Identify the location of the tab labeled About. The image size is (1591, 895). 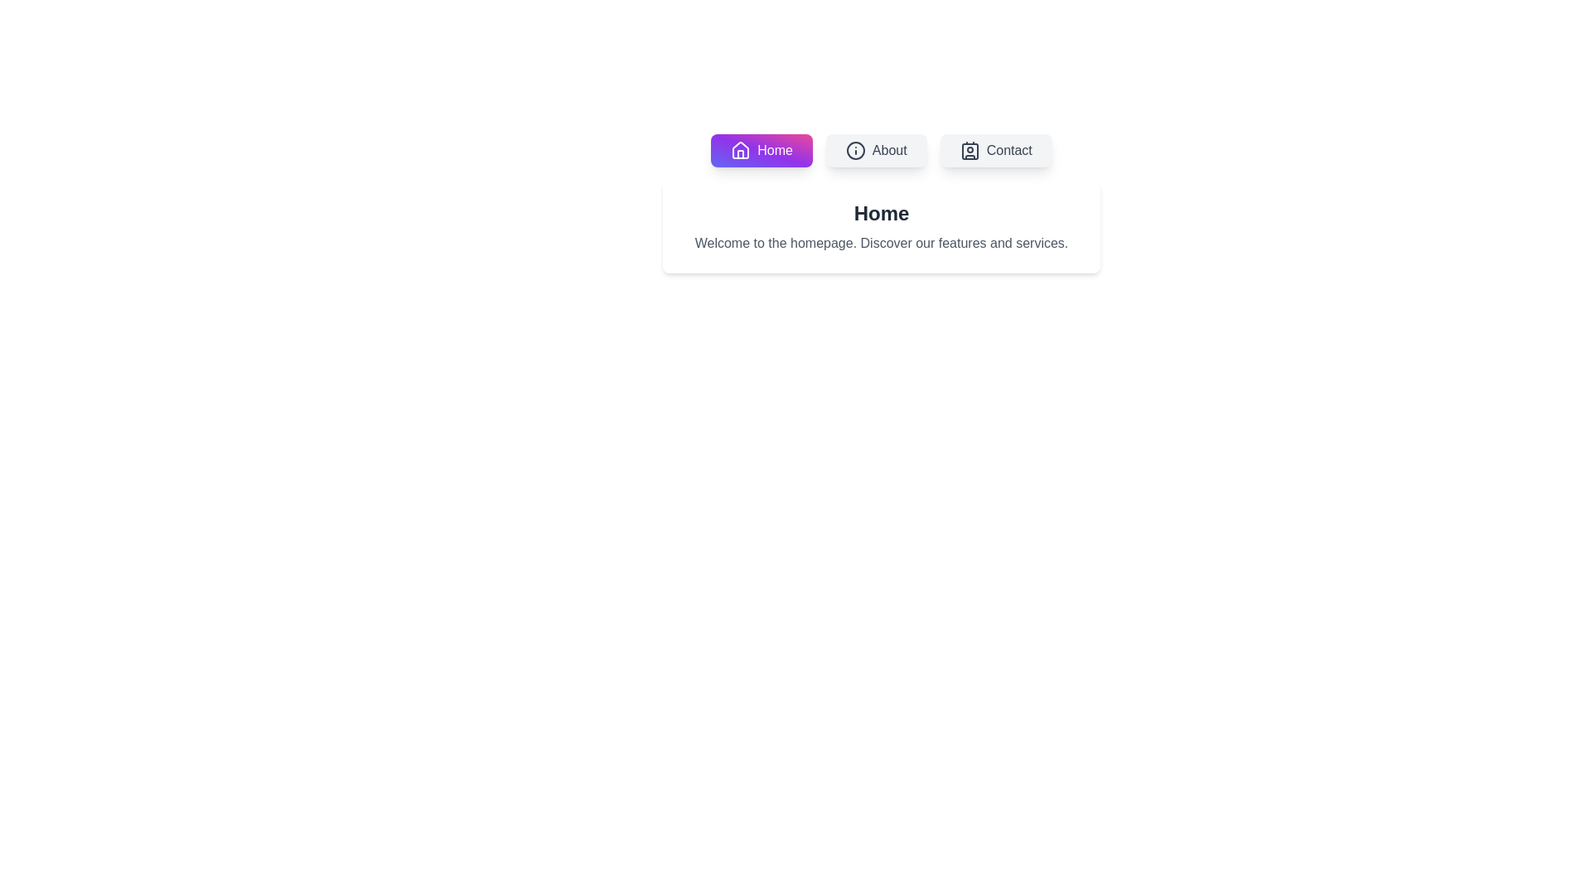
(875, 150).